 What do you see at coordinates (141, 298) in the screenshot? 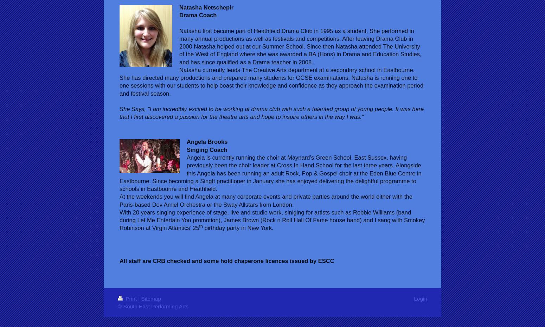
I see `'Sitemap'` at bounding box center [141, 298].